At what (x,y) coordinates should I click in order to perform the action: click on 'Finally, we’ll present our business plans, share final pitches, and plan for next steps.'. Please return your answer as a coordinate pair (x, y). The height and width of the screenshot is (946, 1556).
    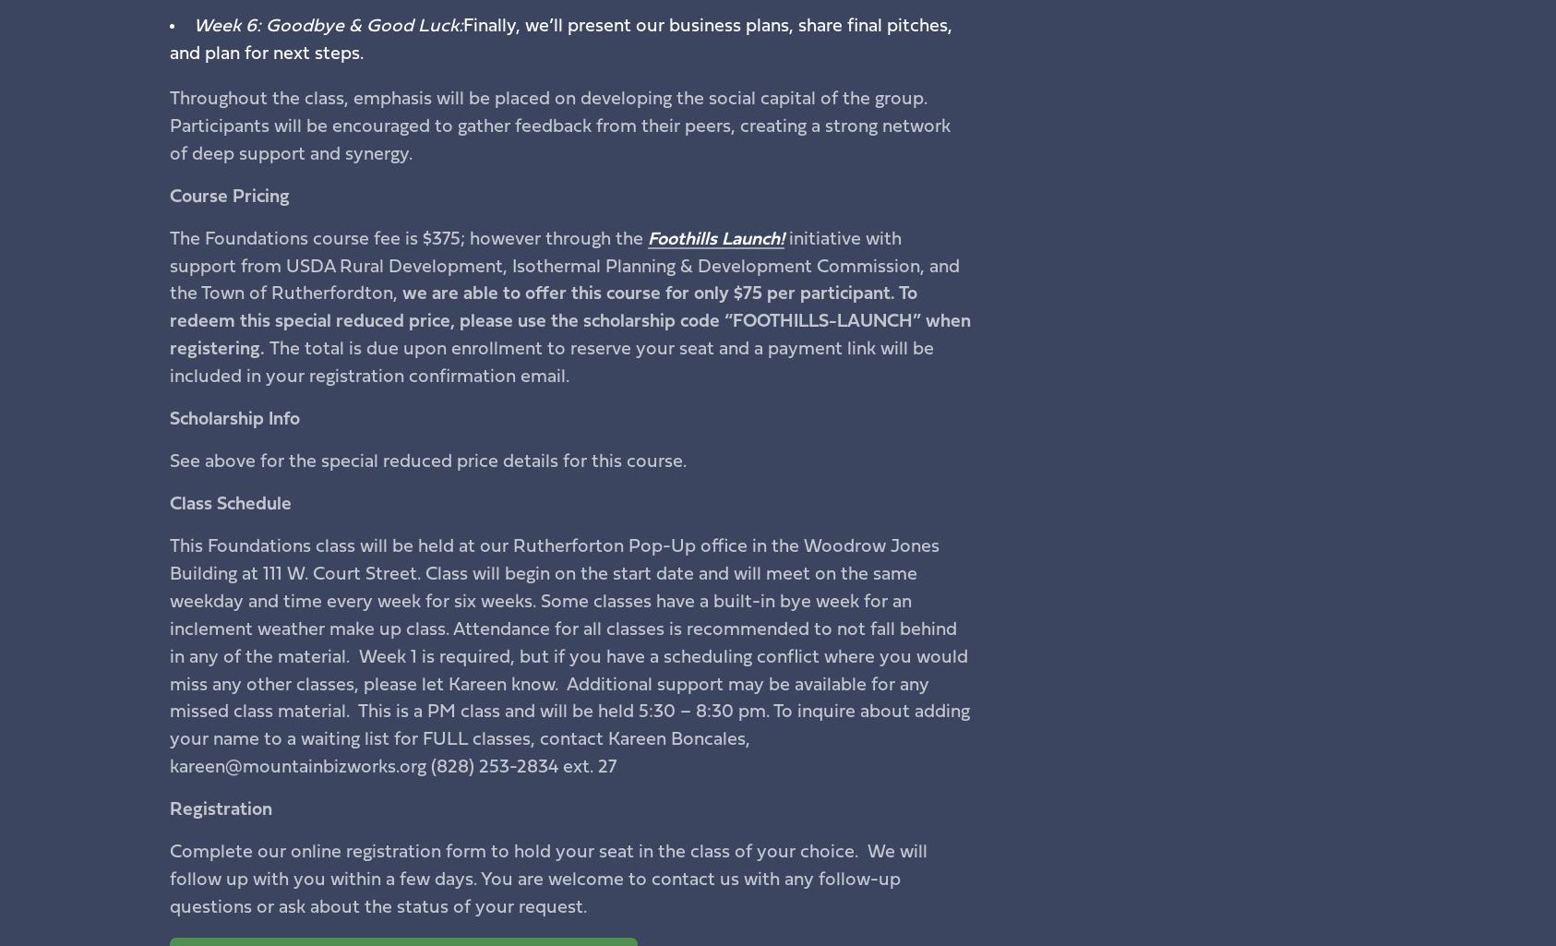
    Looking at the image, I should click on (558, 40).